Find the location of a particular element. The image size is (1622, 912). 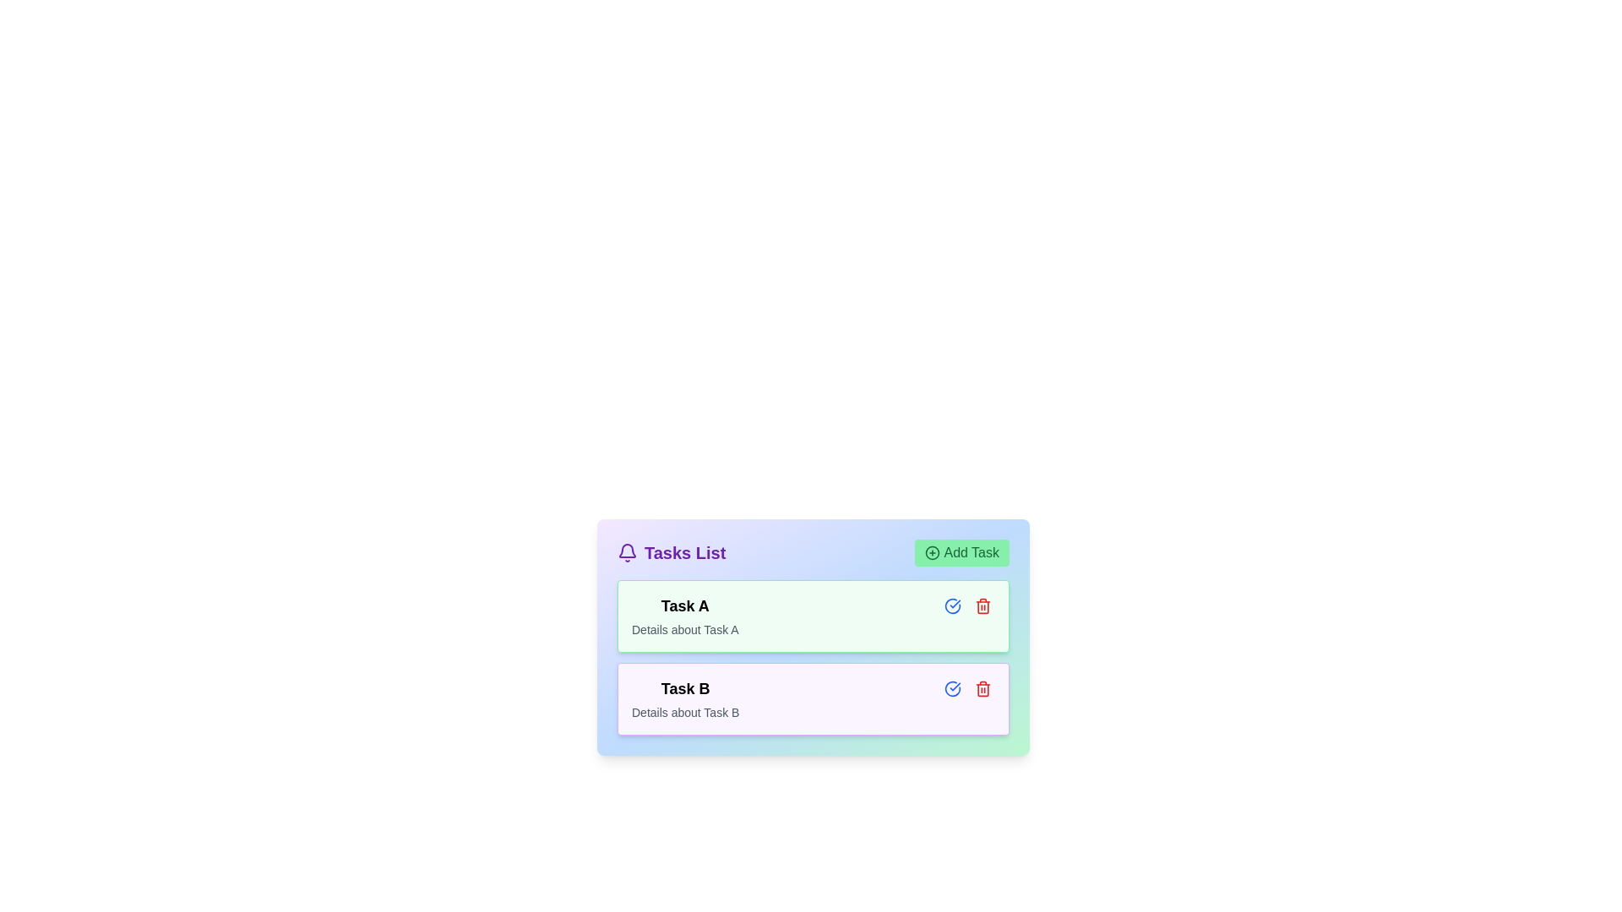

the delete icon located in the compact control panel is located at coordinates (968, 605).